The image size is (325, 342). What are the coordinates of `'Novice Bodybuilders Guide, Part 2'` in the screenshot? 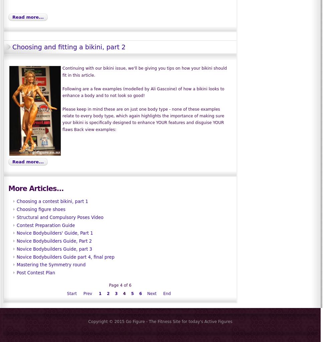 It's located at (54, 241).